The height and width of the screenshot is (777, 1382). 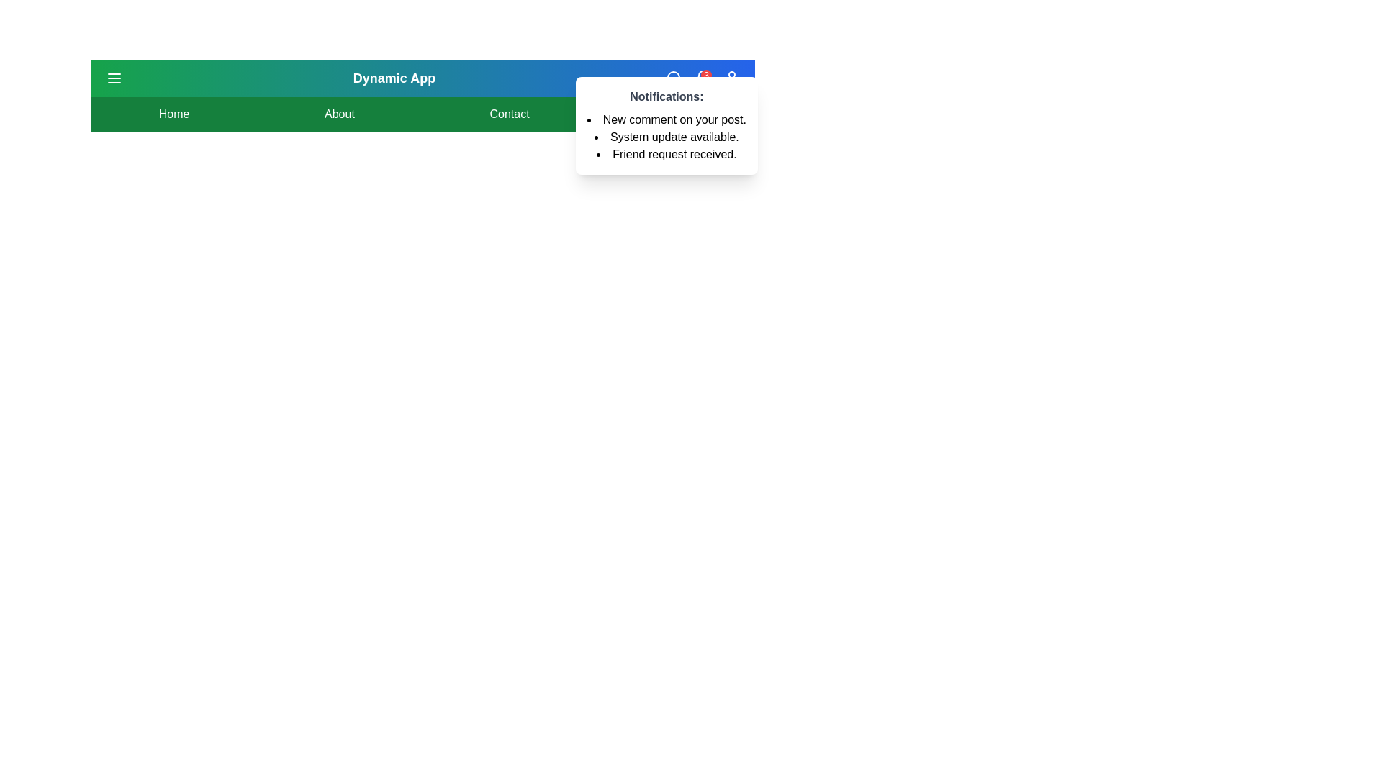 I want to click on the menu button to toggle the visibility of the navigation menu, so click(x=113, y=78).